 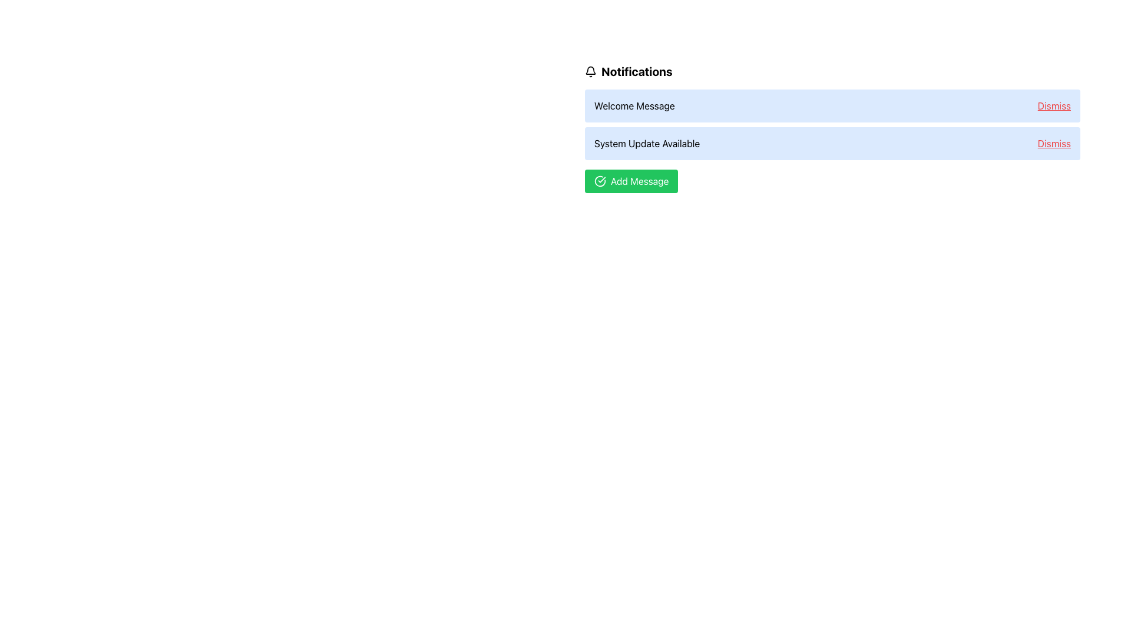 What do you see at coordinates (591, 70) in the screenshot?
I see `the bell icon located at the top left of the notifications panel, which precedes the 'Notifications' text heading` at bounding box center [591, 70].